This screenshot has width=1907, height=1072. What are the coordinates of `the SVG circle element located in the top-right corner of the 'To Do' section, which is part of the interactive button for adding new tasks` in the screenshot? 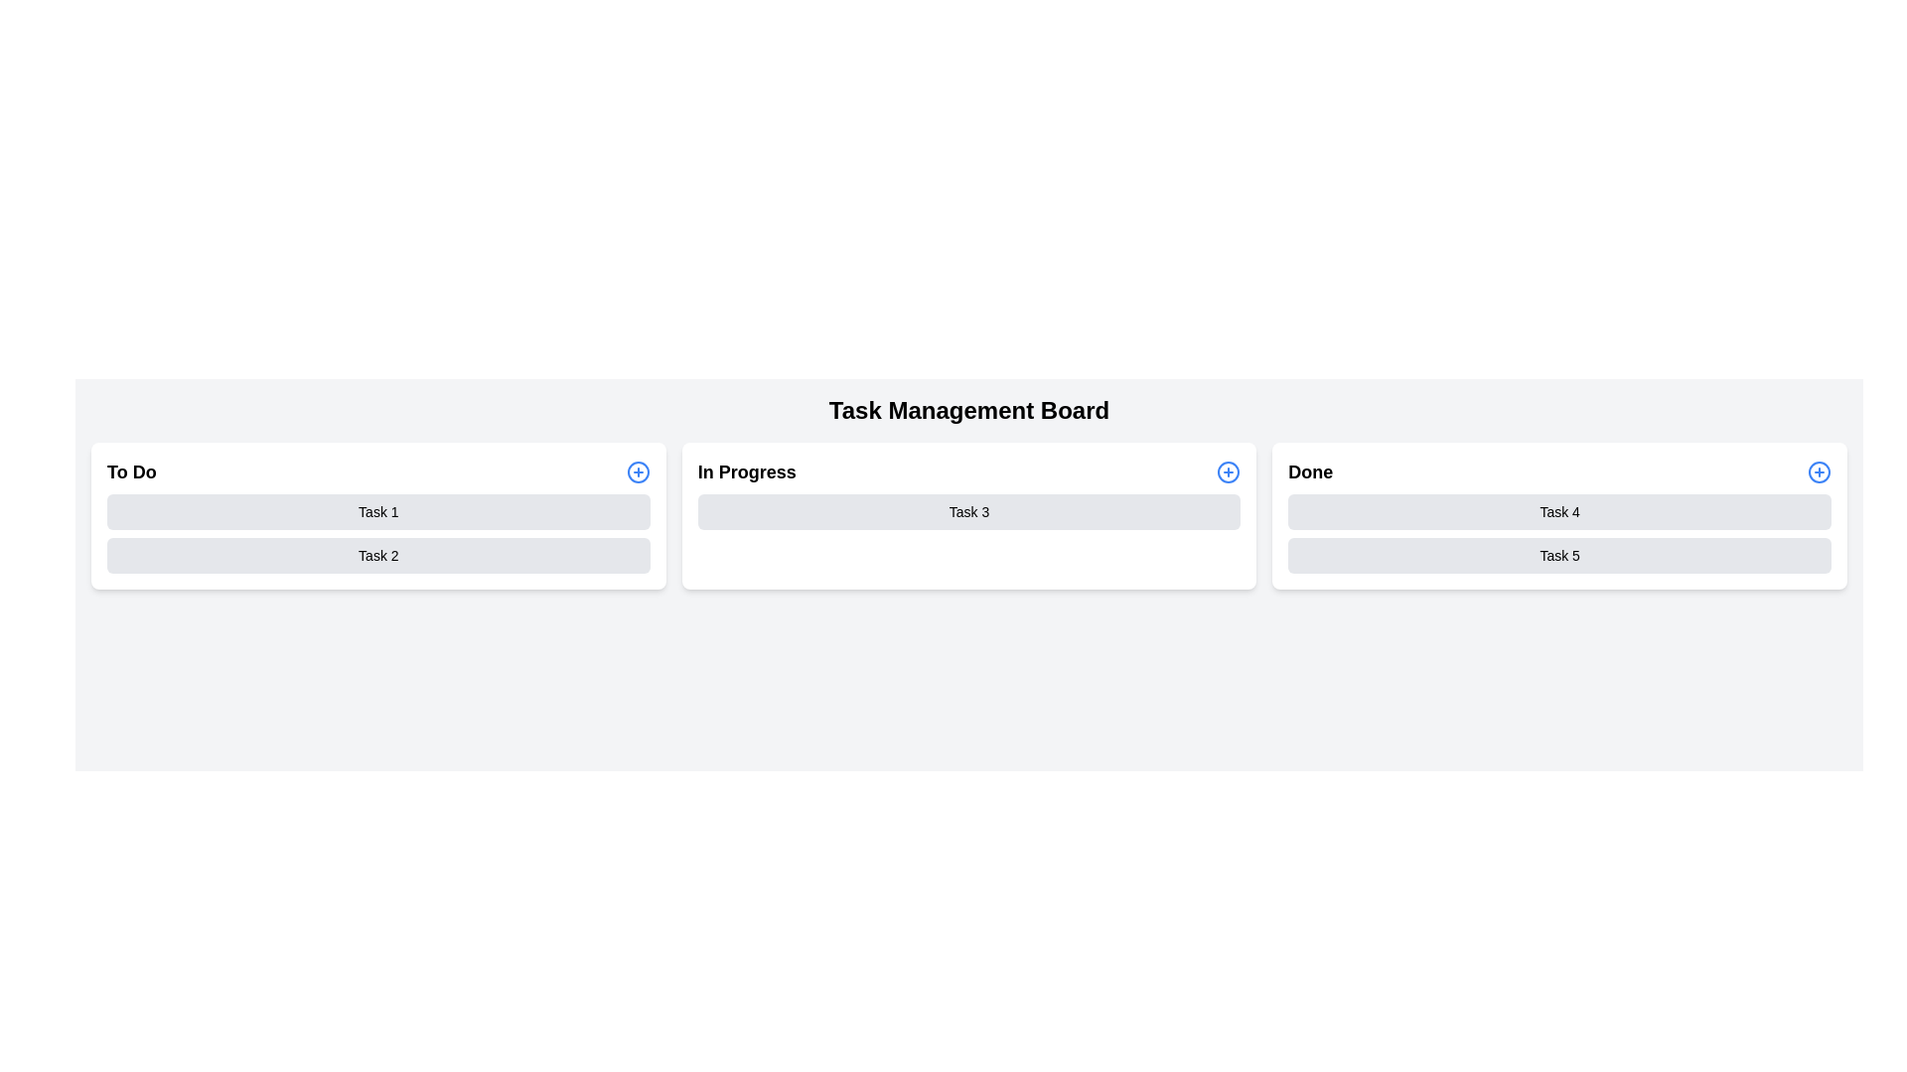 It's located at (638, 471).